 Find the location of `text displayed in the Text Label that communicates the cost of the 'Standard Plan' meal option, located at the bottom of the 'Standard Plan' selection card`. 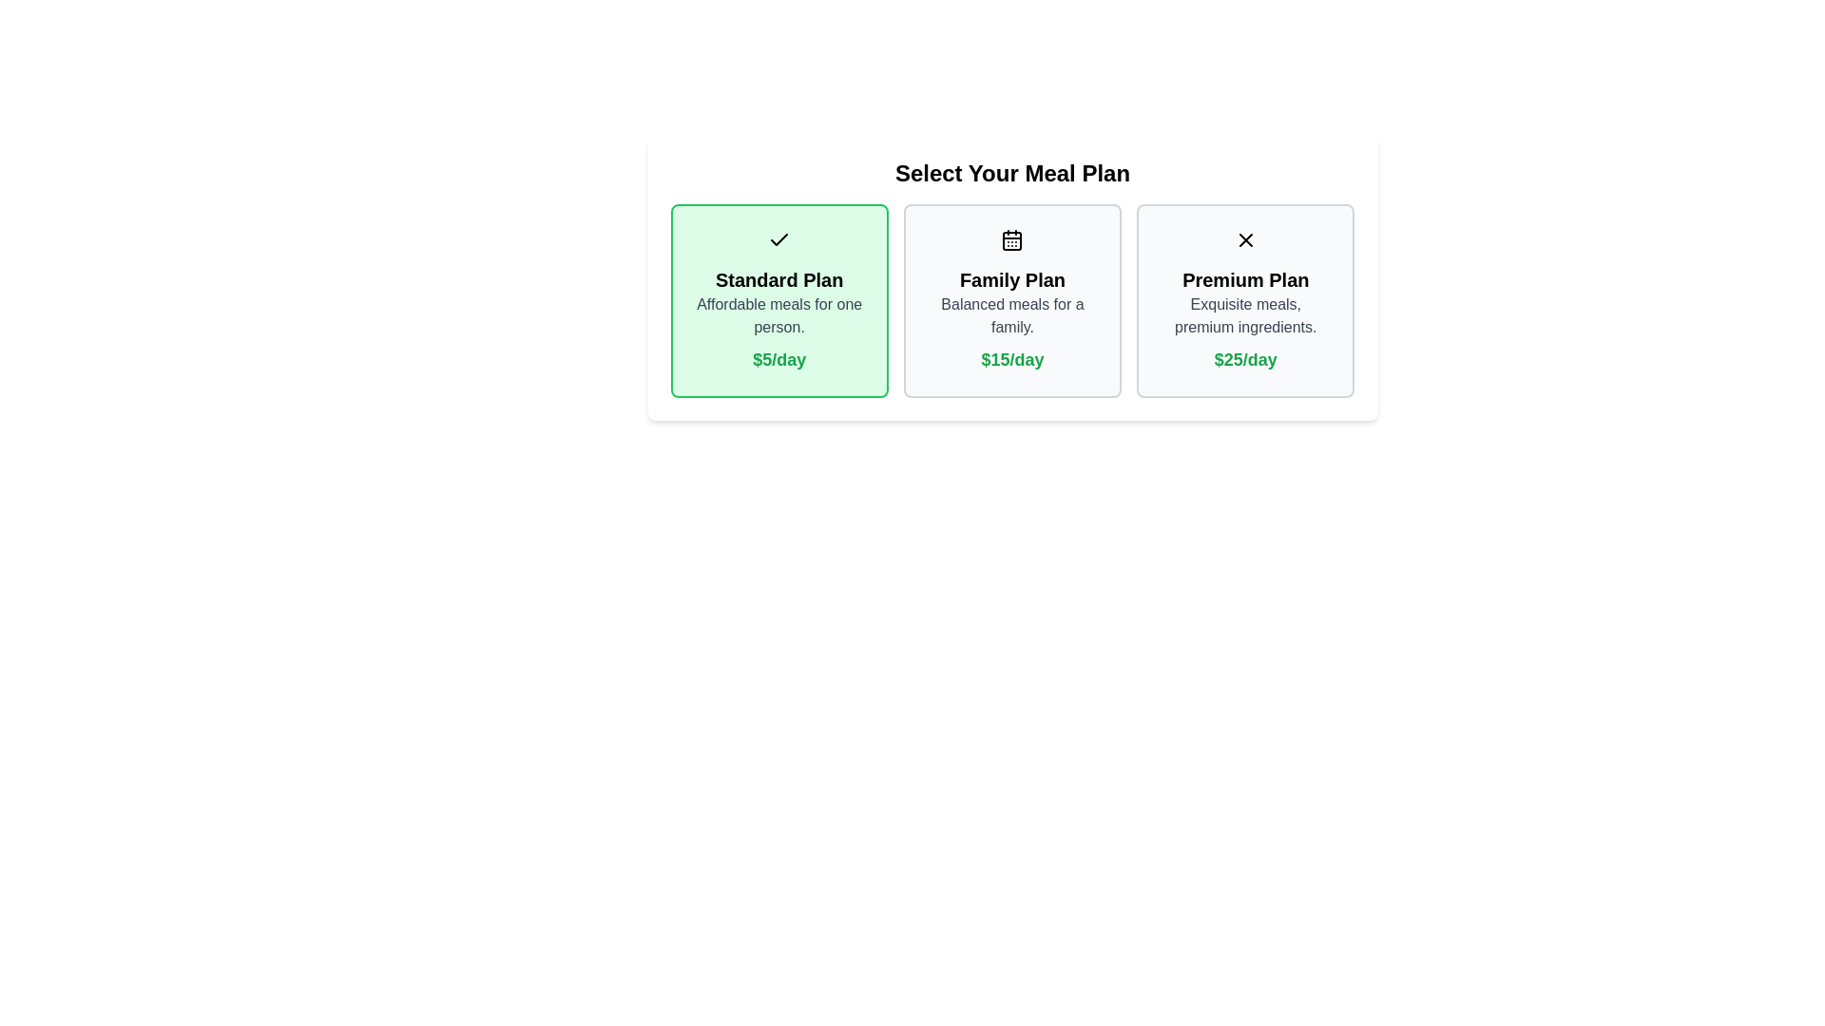

text displayed in the Text Label that communicates the cost of the 'Standard Plan' meal option, located at the bottom of the 'Standard Plan' selection card is located at coordinates (779, 359).